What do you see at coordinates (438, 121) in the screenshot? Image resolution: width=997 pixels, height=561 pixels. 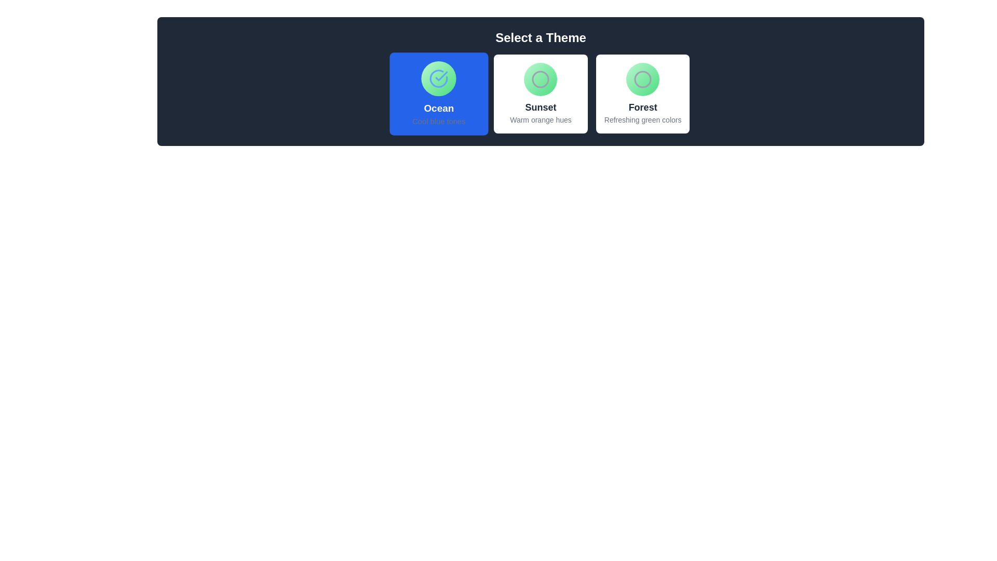 I see `text content of the supplementary detail label located below the main label 'Ocean' within the blue box` at bounding box center [438, 121].